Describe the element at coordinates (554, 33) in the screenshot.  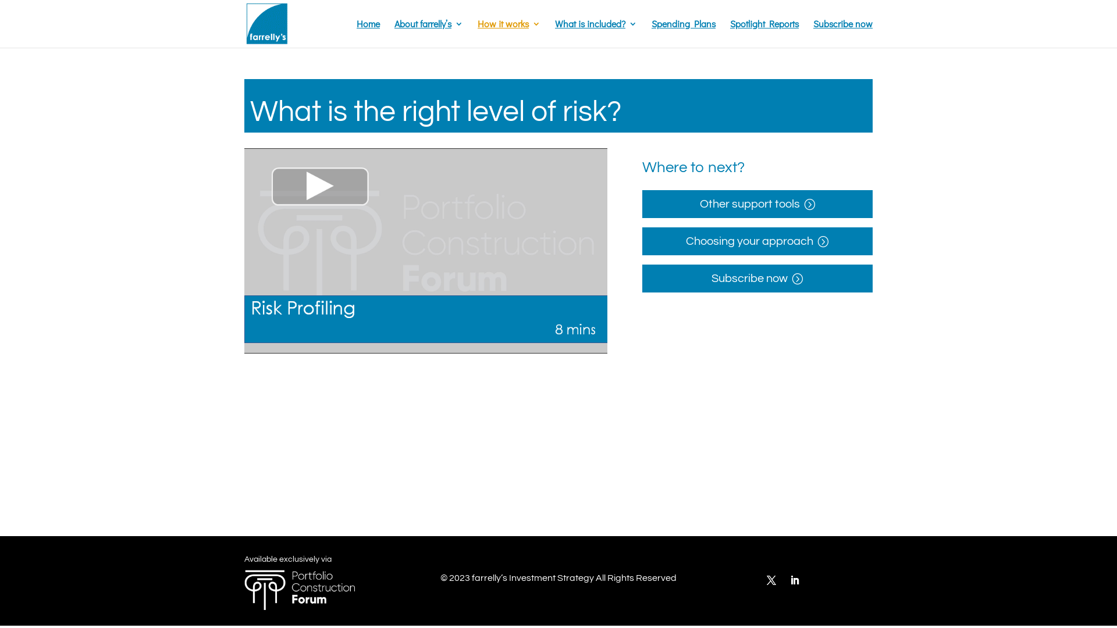
I see `'What is included?'` at that location.